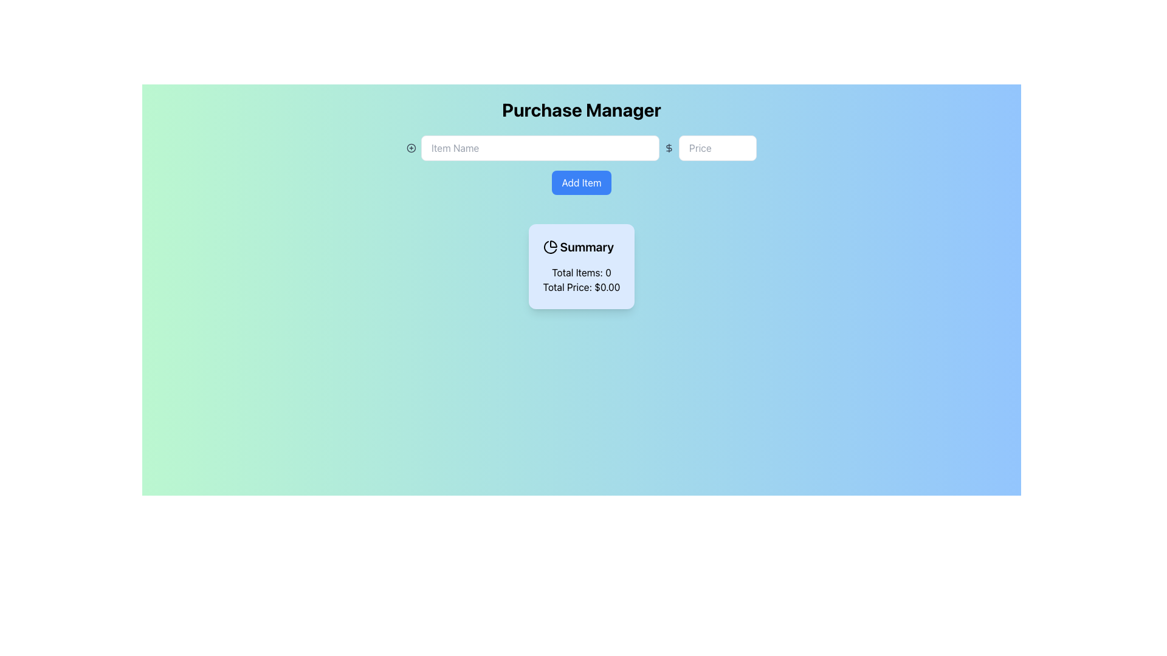 Image resolution: width=1167 pixels, height=656 pixels. I want to click on the Static Text displaying the total price value in the summary section, located below 'Total Items: 0' in the summary card, so click(580, 287).